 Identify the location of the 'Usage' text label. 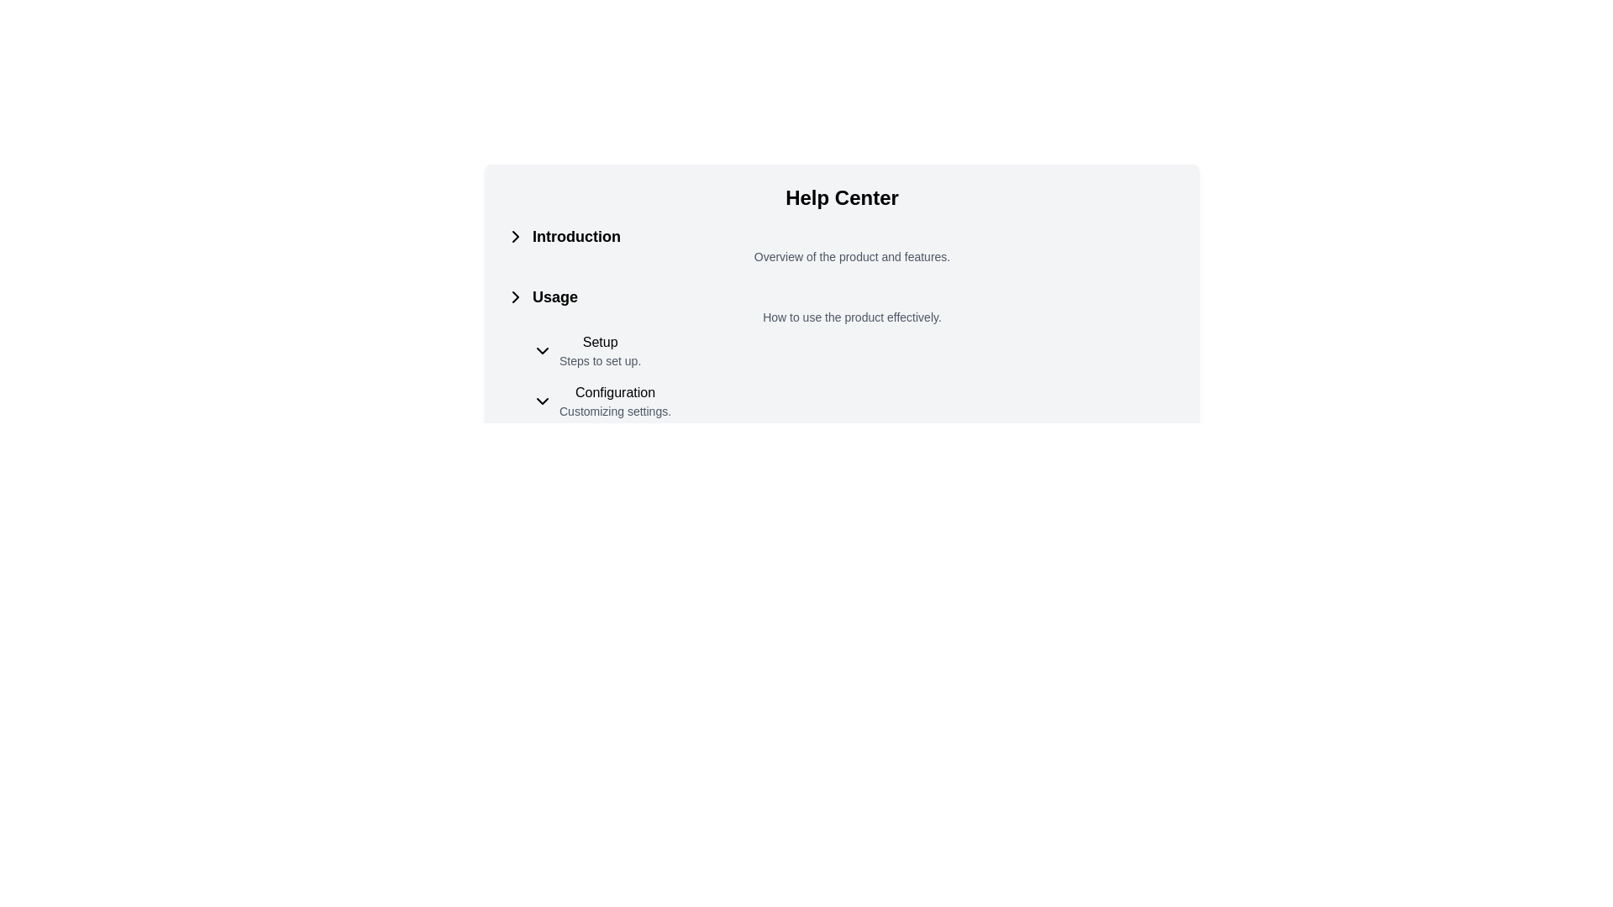
(555, 296).